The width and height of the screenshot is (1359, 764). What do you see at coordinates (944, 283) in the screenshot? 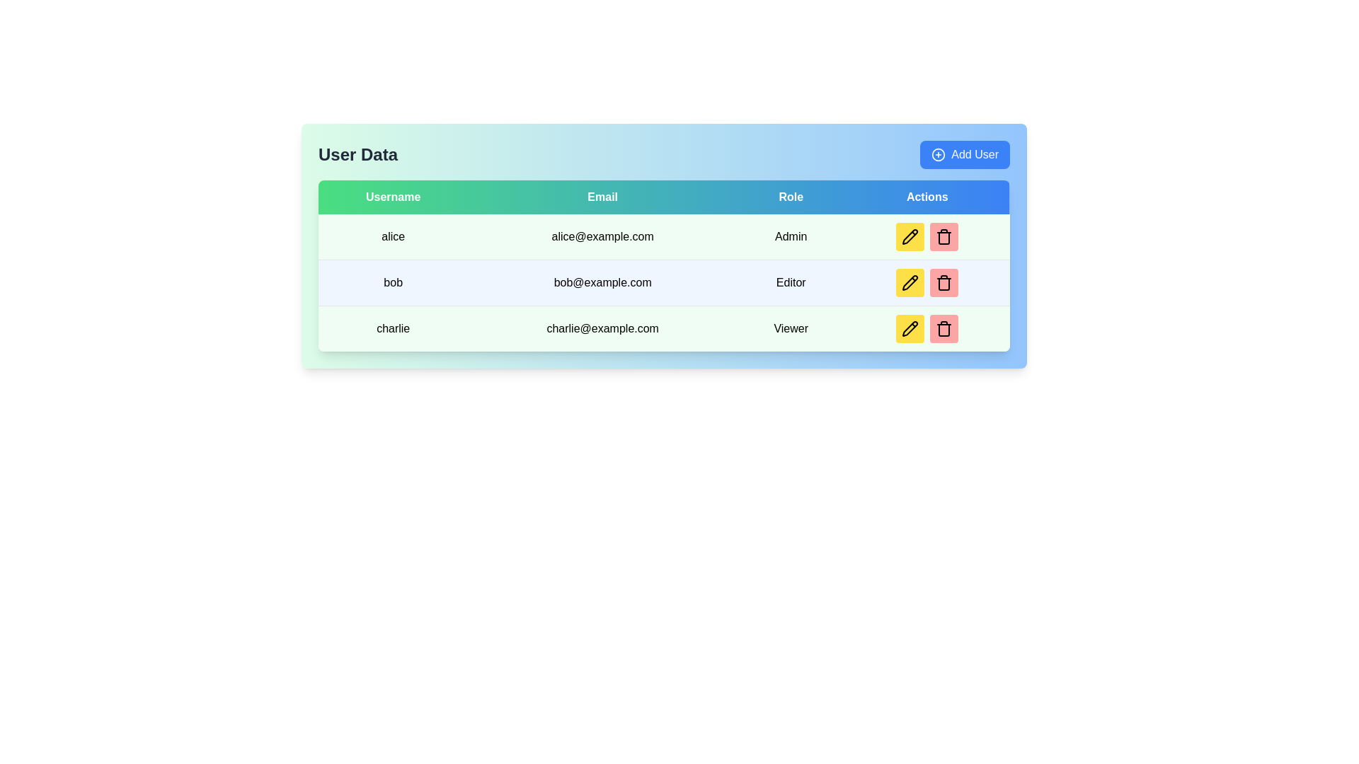
I see `the trash can icon in the 'Actions' column of the table layout, located in the second row for user 'bob'` at bounding box center [944, 283].